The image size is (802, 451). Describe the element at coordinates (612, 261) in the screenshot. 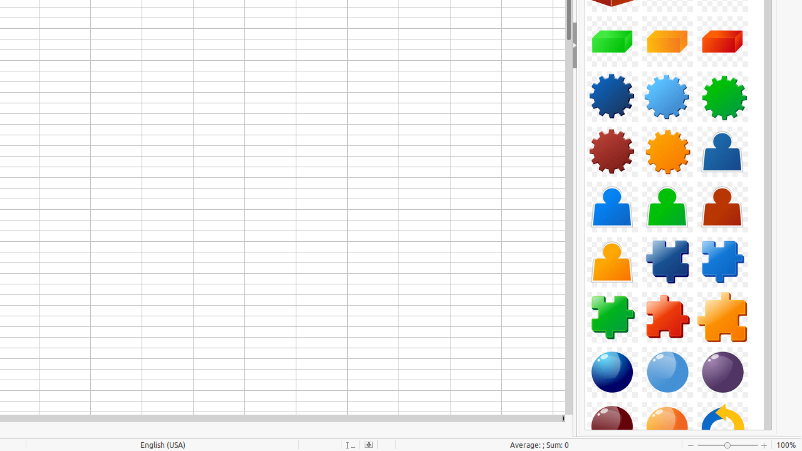

I see `'Component-Person05-Orange'` at that location.